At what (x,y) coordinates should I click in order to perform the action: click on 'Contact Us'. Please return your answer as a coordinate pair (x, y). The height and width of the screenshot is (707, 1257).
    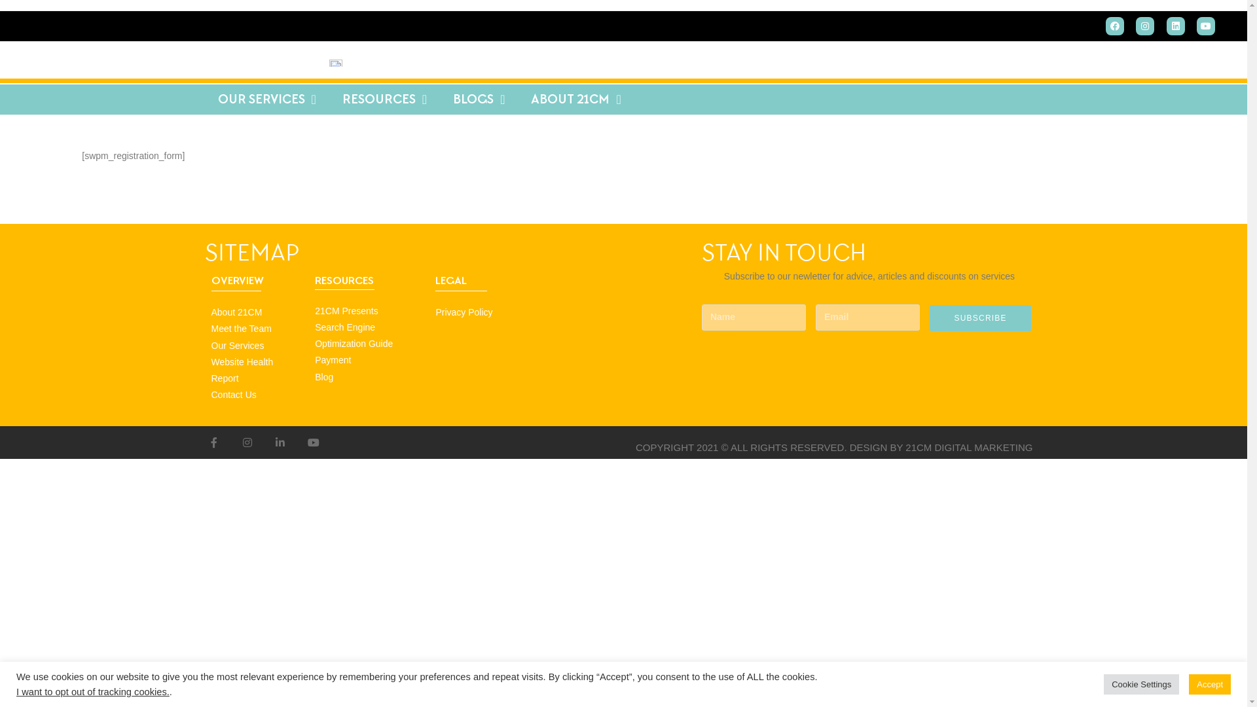
    Looking at the image, I should click on (210, 394).